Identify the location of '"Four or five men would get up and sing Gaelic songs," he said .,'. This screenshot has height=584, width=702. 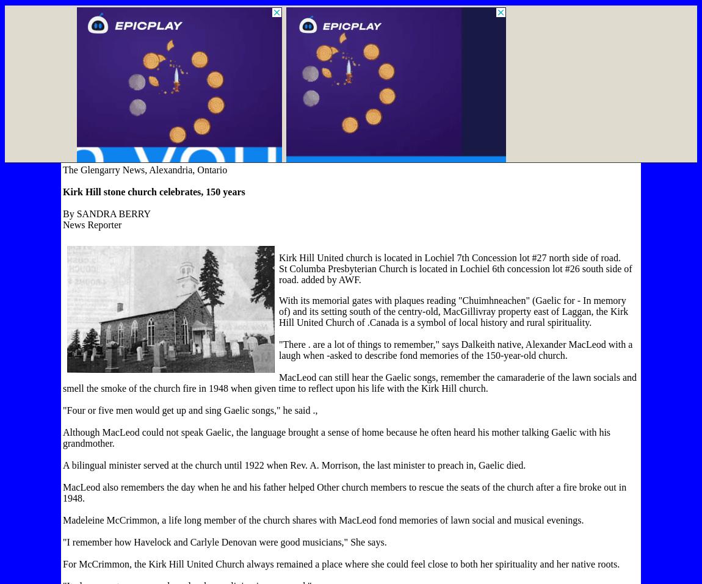
(62, 410).